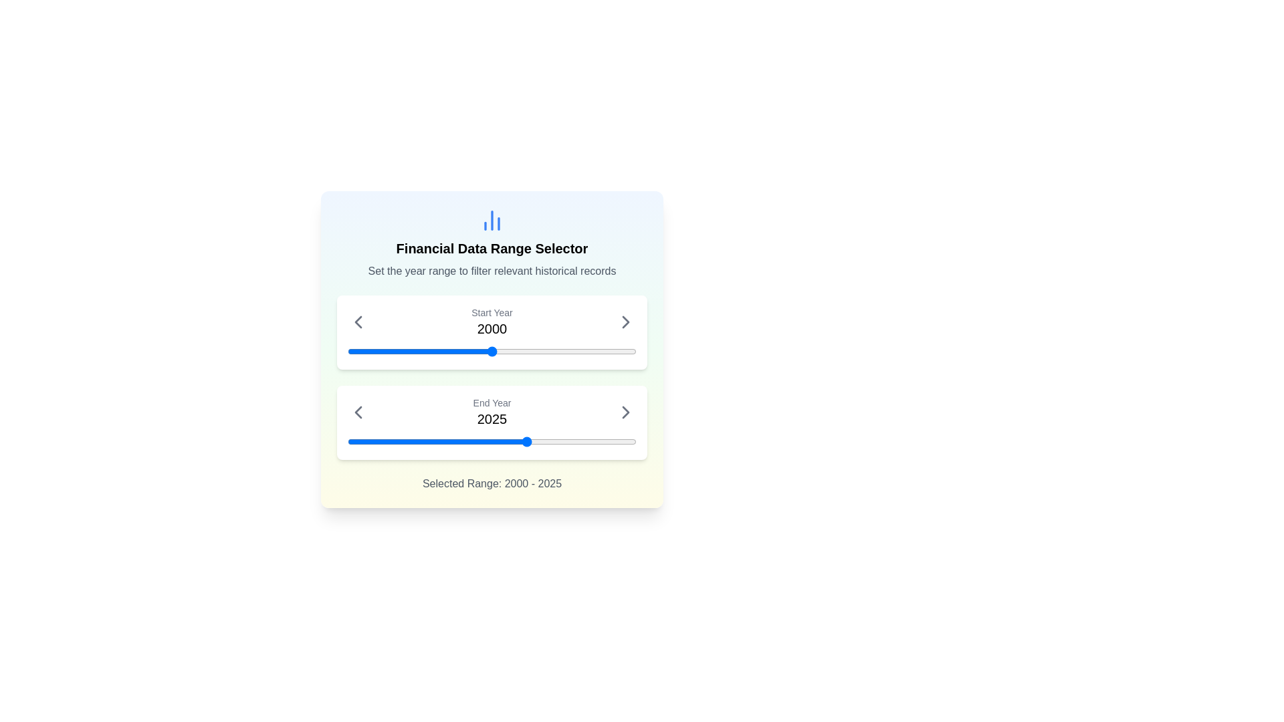 This screenshot has height=722, width=1284. Describe the element at coordinates (491, 402) in the screenshot. I see `the 'End Year' label text, which is styled in small gray text and positioned above the year '2025' in the range selector interface` at that location.